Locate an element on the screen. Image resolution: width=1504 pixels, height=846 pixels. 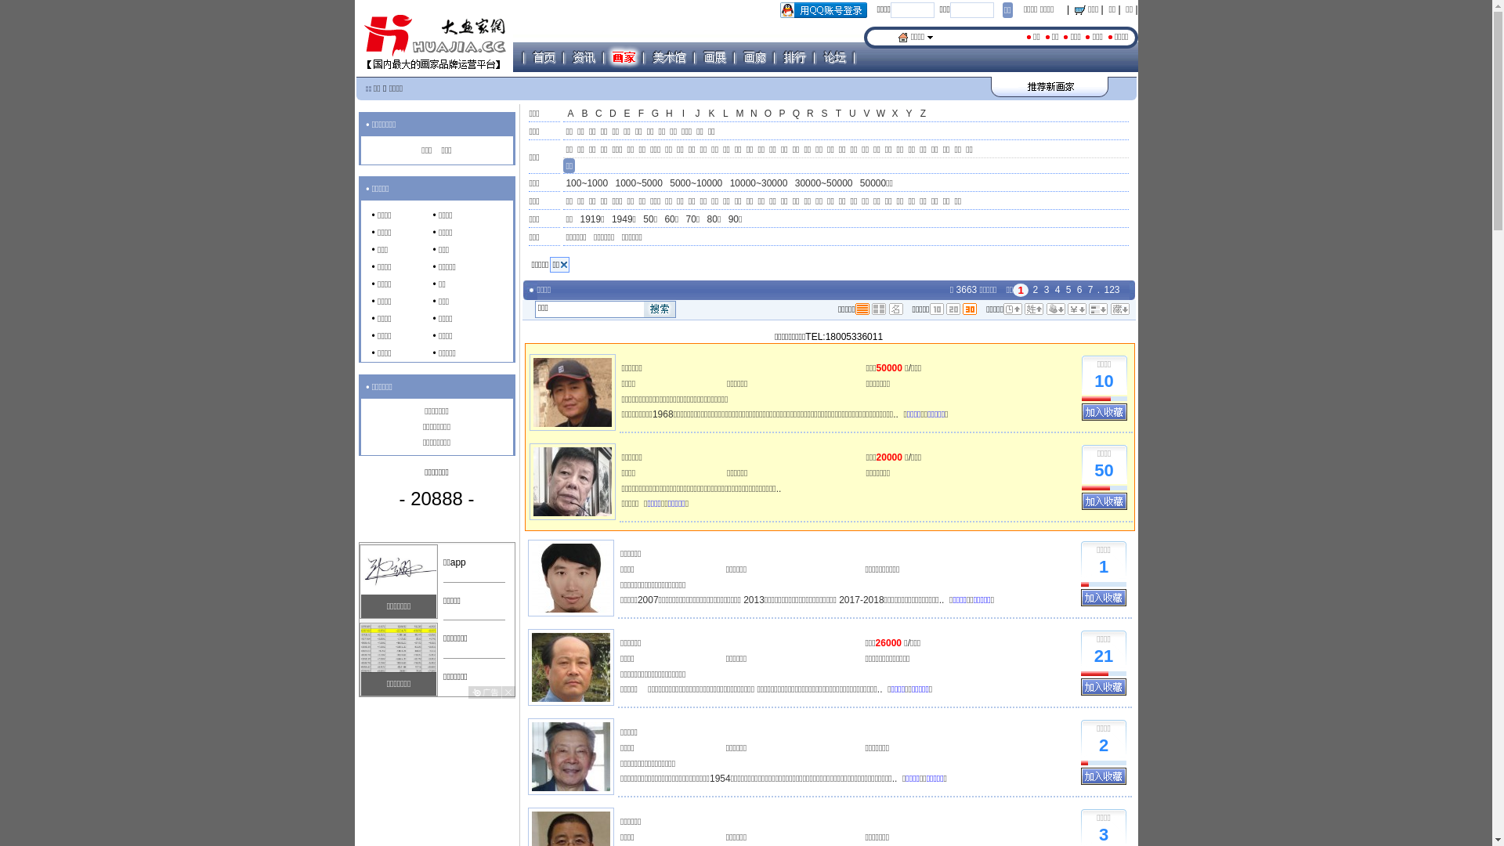
'P' is located at coordinates (782, 114).